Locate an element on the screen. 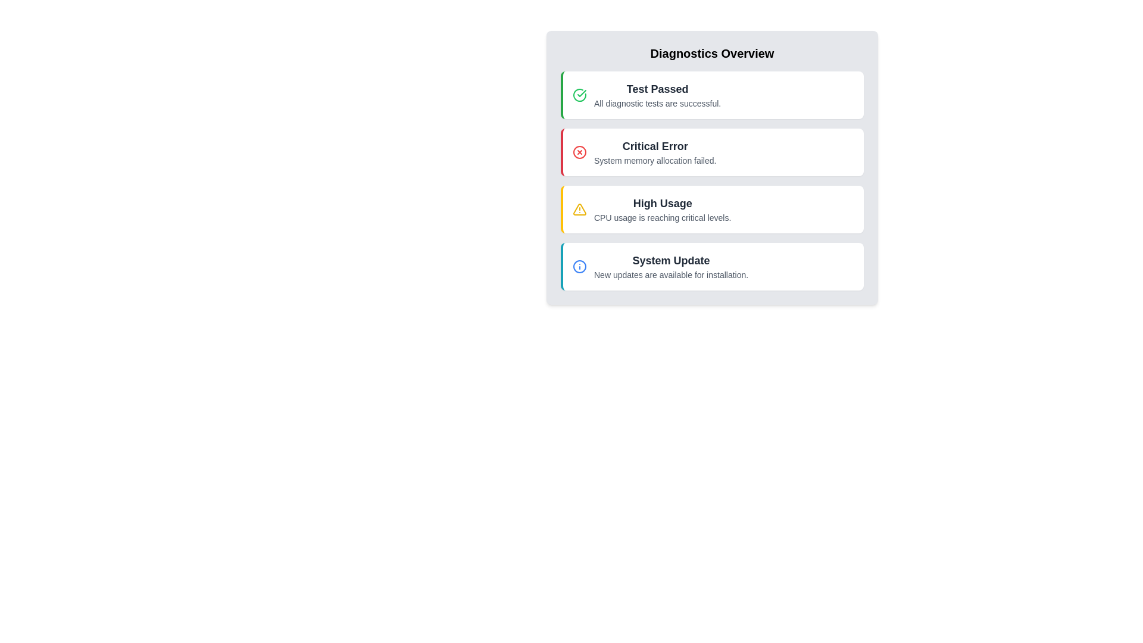 This screenshot has height=643, width=1143. the warning icon indicating high CPU usage located to the left of the 'High Usage' text block in the 'Critical Error' section is located at coordinates (580, 208).